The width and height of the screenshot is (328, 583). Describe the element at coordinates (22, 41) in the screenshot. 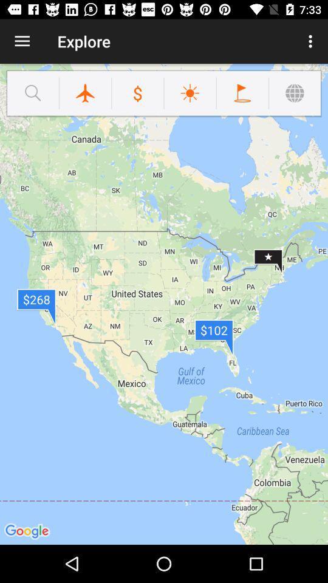

I see `icon to the left of the explore` at that location.